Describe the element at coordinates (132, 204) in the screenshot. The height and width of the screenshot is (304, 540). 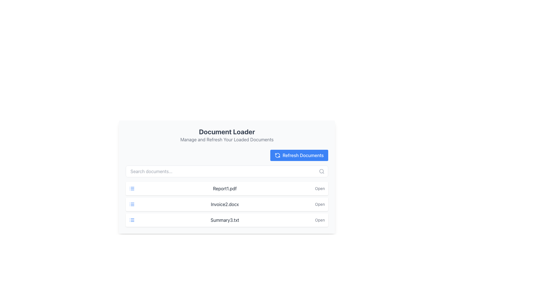
I see `the icon representing the document type located to the left of 'Invoice2.docx'` at that location.